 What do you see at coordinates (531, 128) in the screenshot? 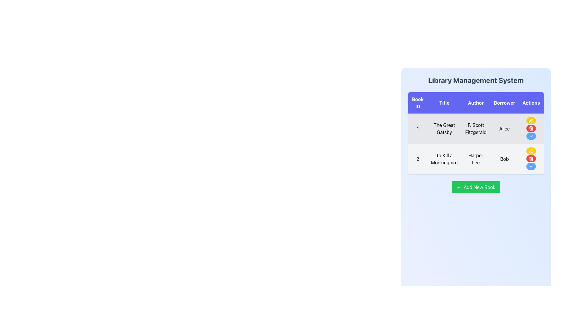
I see `the small red circular button with a trash can icon located in the 'Actions' column of the first row in the Library Management System interface` at bounding box center [531, 128].